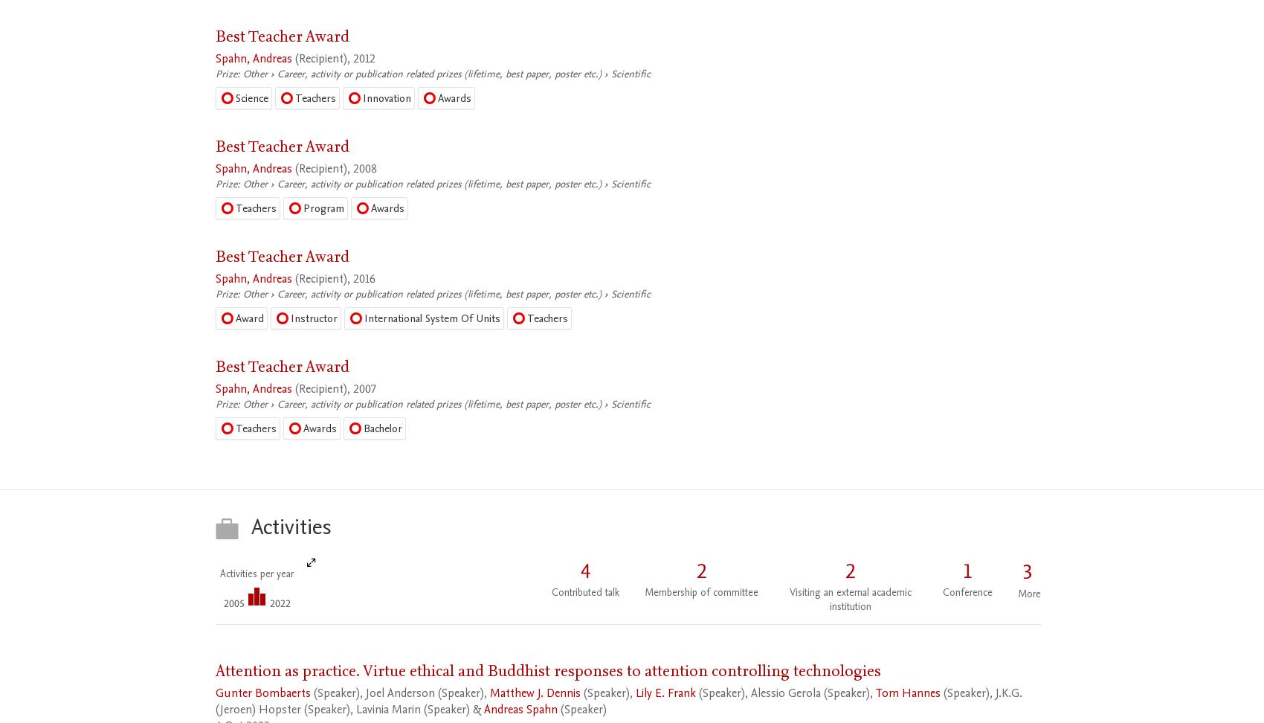 The height and width of the screenshot is (723, 1264). What do you see at coordinates (323, 208) in the screenshot?
I see `'Program'` at bounding box center [323, 208].